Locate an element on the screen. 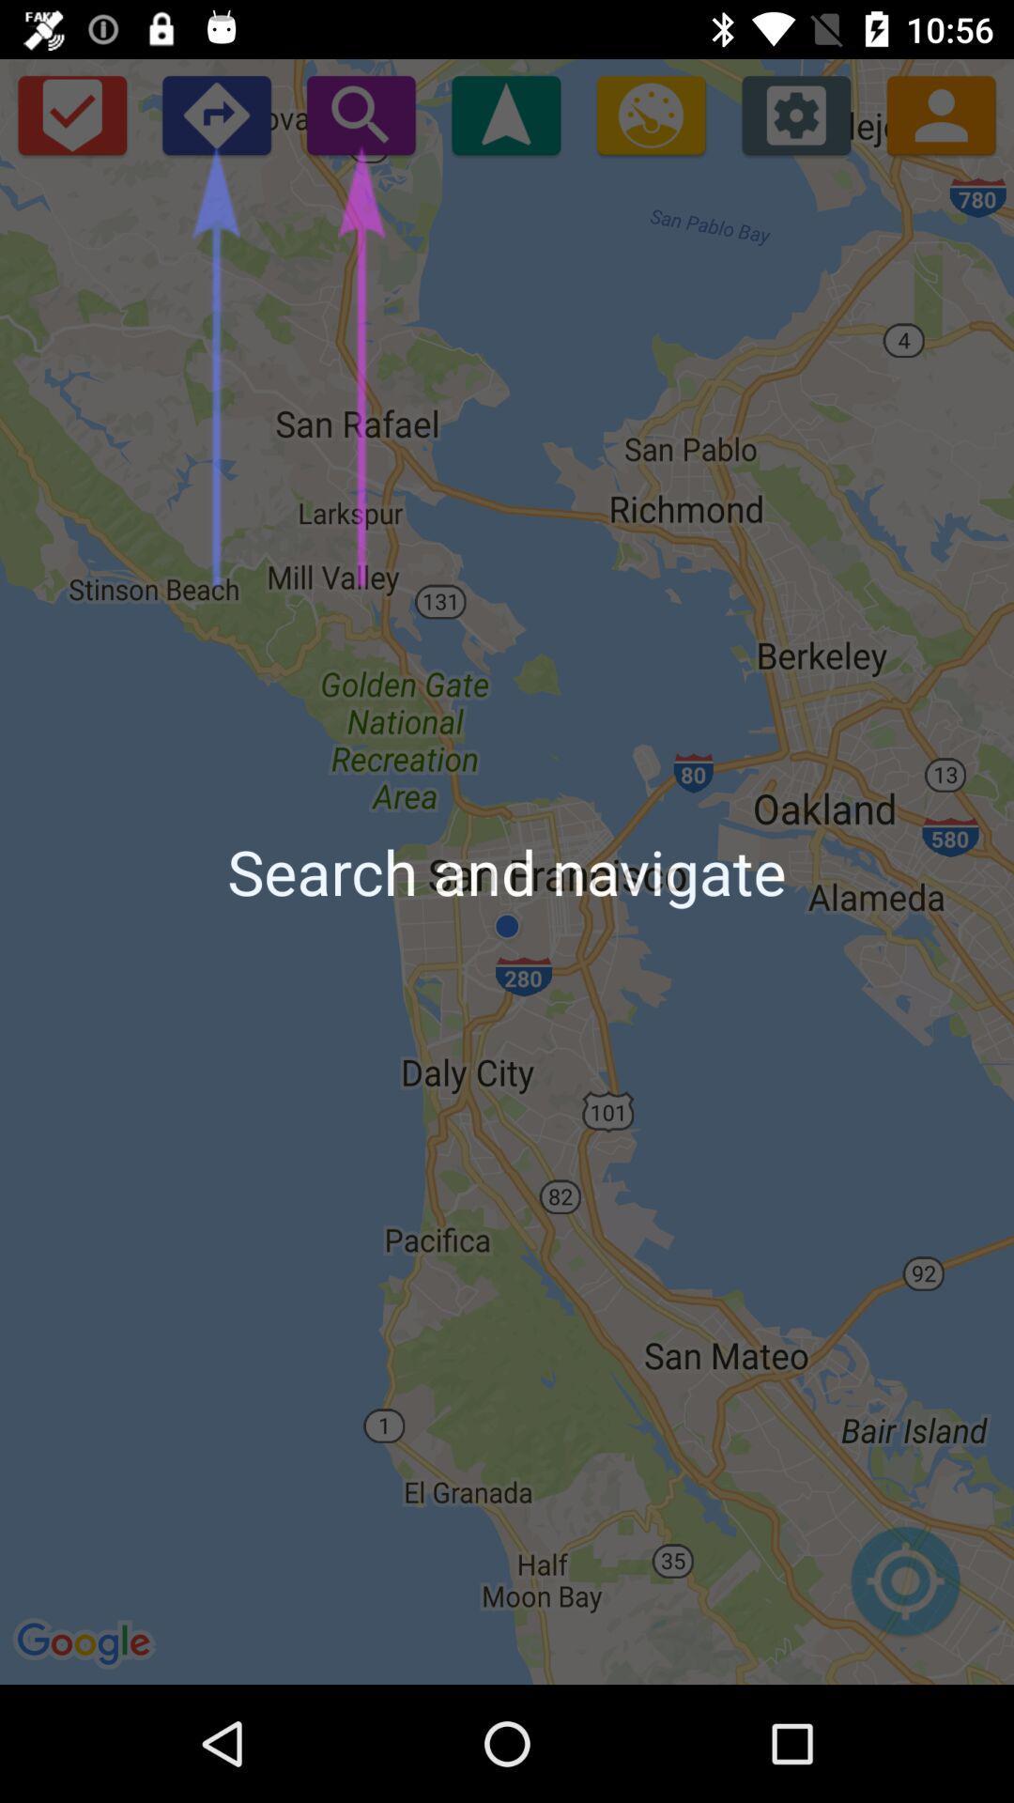 The image size is (1014, 1803). the item above the search and navigate app is located at coordinates (796, 114).